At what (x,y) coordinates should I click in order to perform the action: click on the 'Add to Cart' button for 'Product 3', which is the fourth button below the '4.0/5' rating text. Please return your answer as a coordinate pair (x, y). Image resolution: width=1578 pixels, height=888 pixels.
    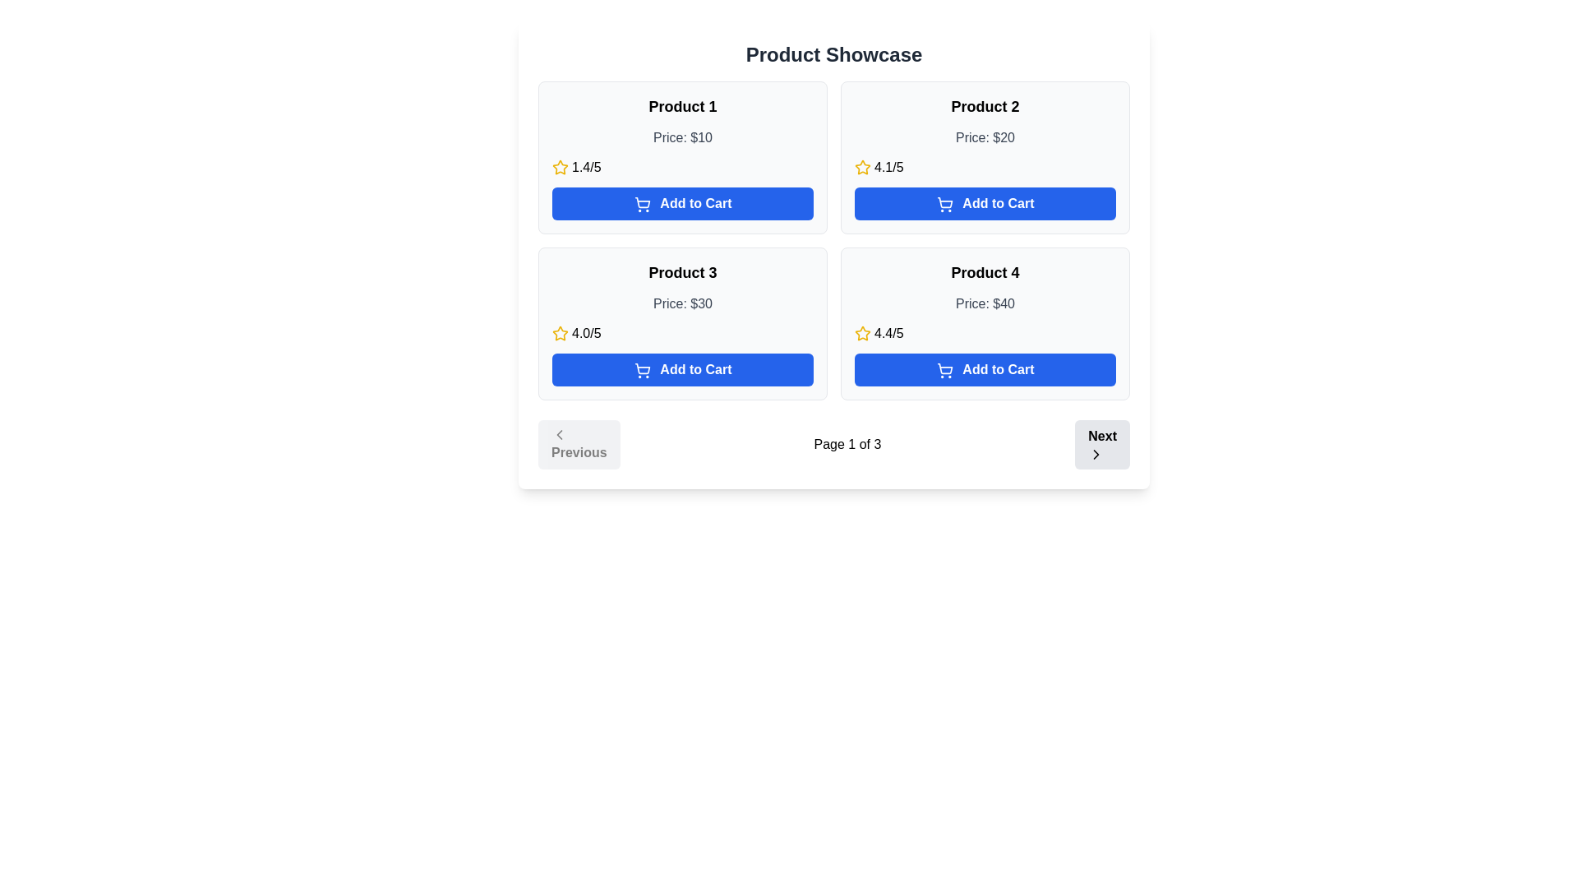
    Looking at the image, I should click on (682, 370).